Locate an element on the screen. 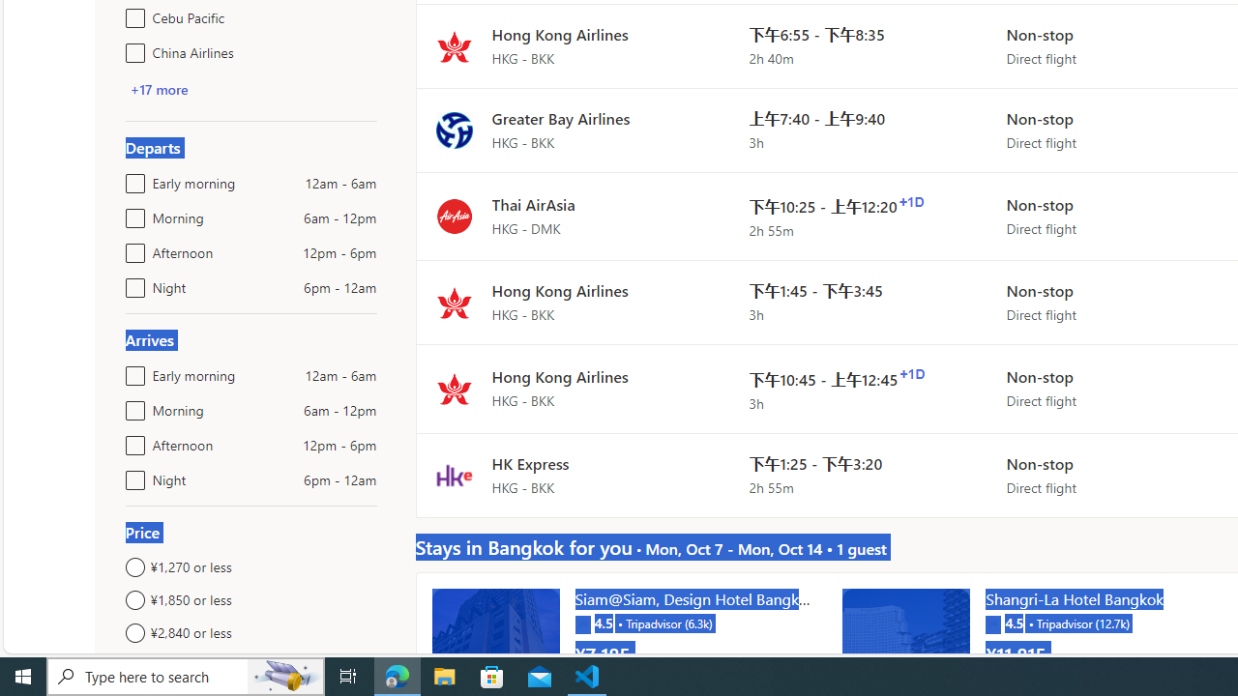 The height and width of the screenshot is (696, 1238). 'Flight logo' is located at coordinates (453, 475).